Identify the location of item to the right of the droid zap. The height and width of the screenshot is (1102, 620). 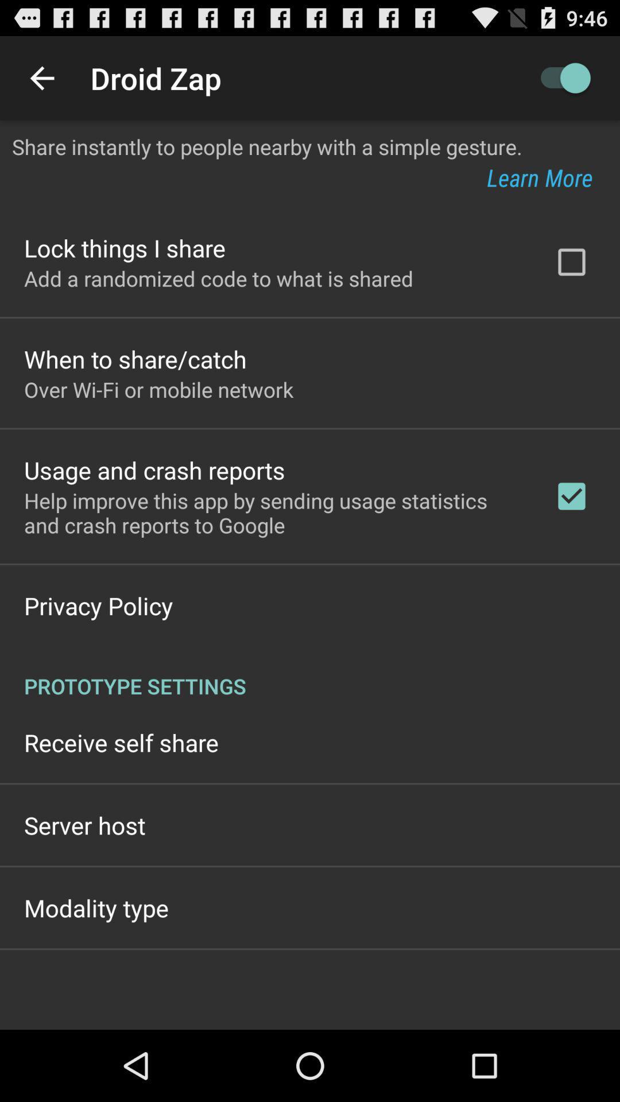
(559, 77).